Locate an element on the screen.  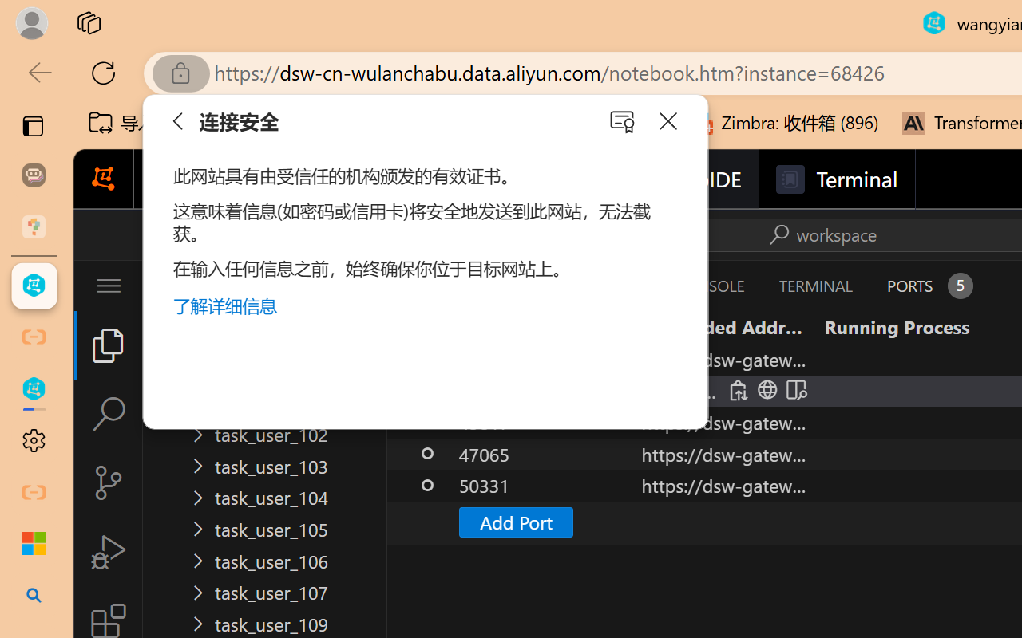
'Ports - 5 forwarded ports Ports - 5 forwarded ports' is located at coordinates (928, 286).